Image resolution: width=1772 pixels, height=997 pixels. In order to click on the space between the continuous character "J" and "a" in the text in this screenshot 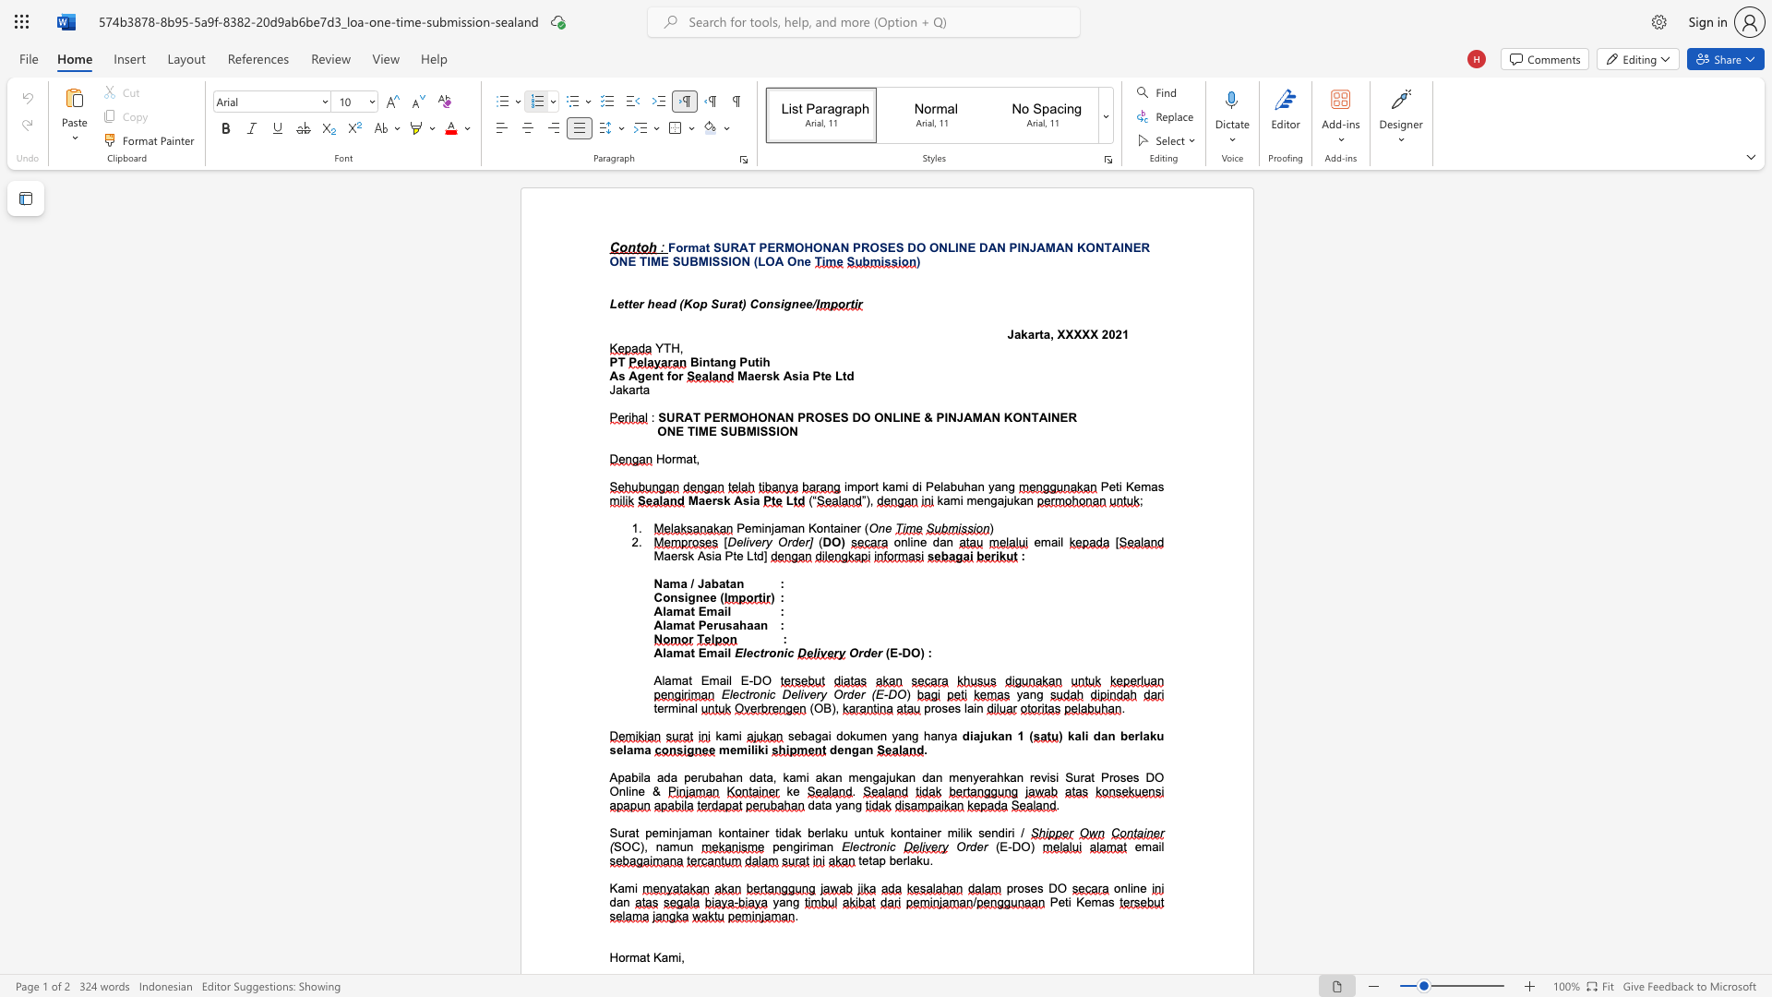, I will do `click(703, 583)`.